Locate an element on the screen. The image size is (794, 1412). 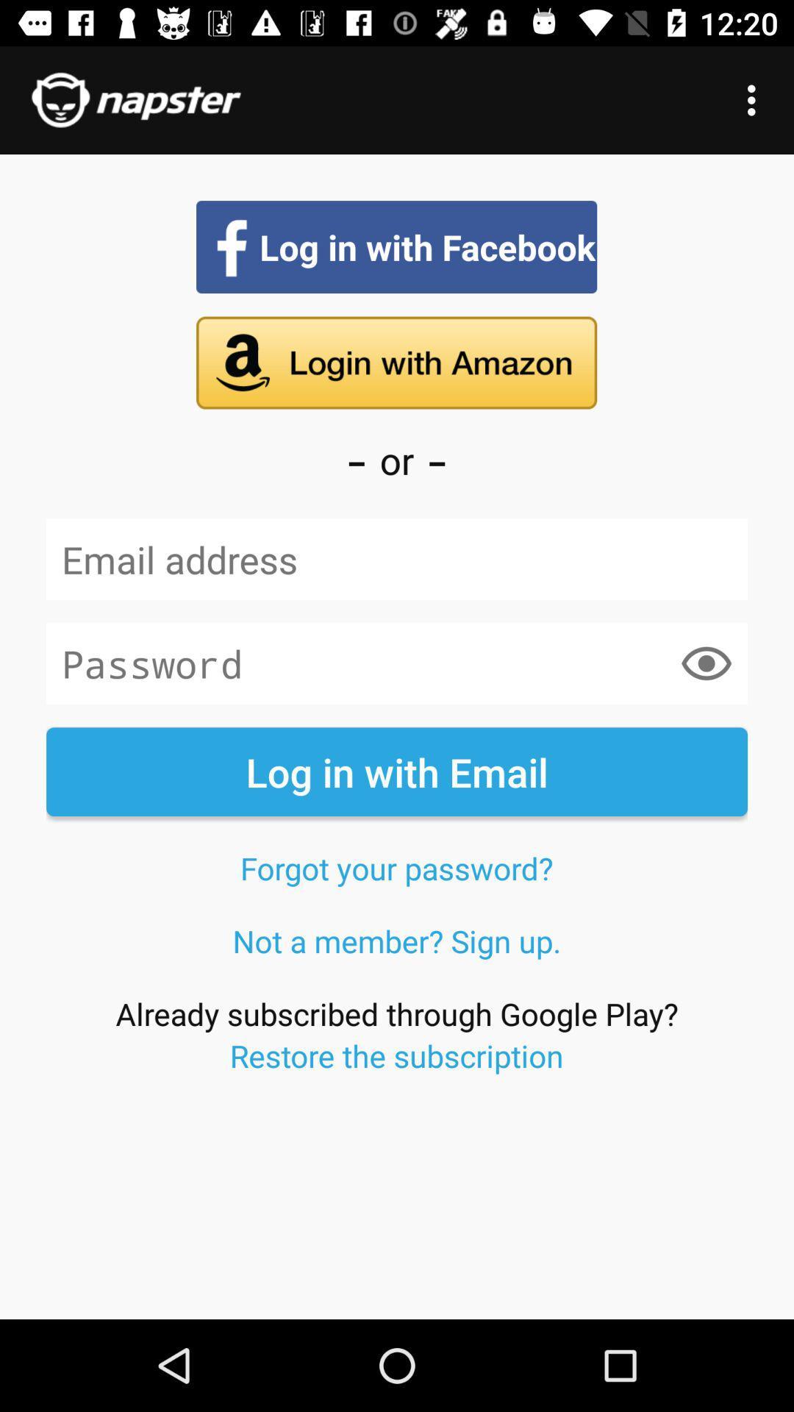
the item on the right is located at coordinates (706, 663).